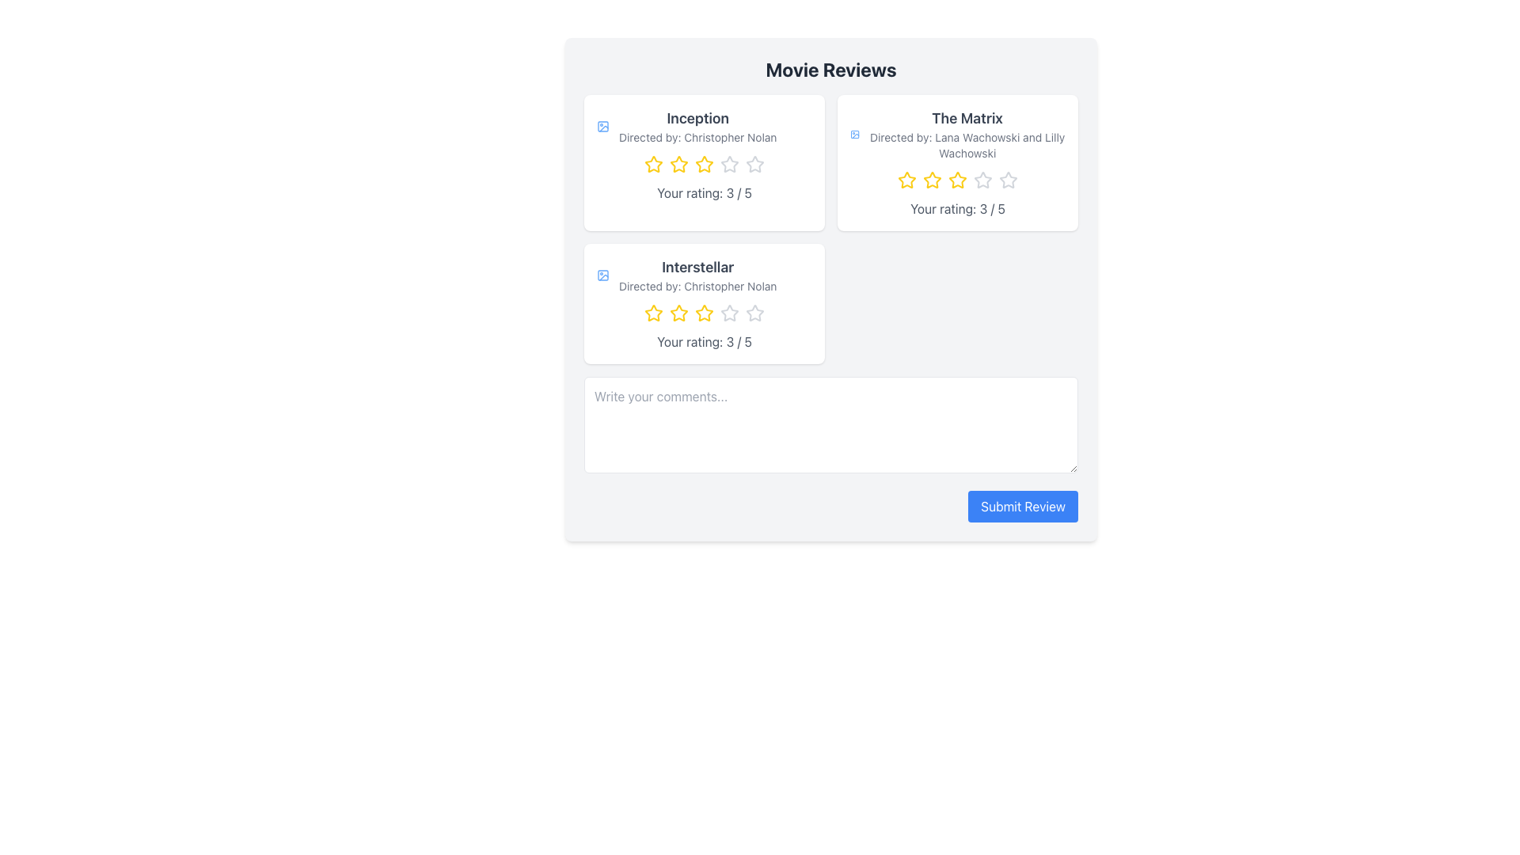  What do you see at coordinates (703, 125) in the screenshot?
I see `the text block labeled 'Inception' with an image placeholder icon on the left side of the 'Movie Reviews' interface` at bounding box center [703, 125].